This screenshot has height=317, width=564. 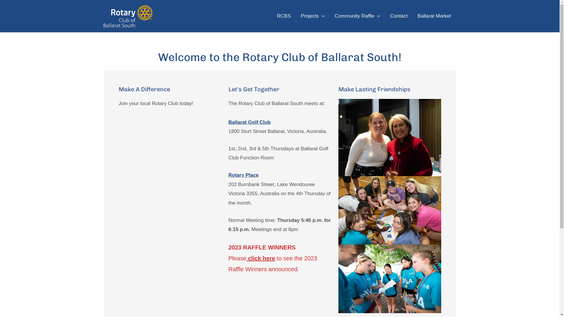 I want to click on 'click here', so click(x=261, y=258).